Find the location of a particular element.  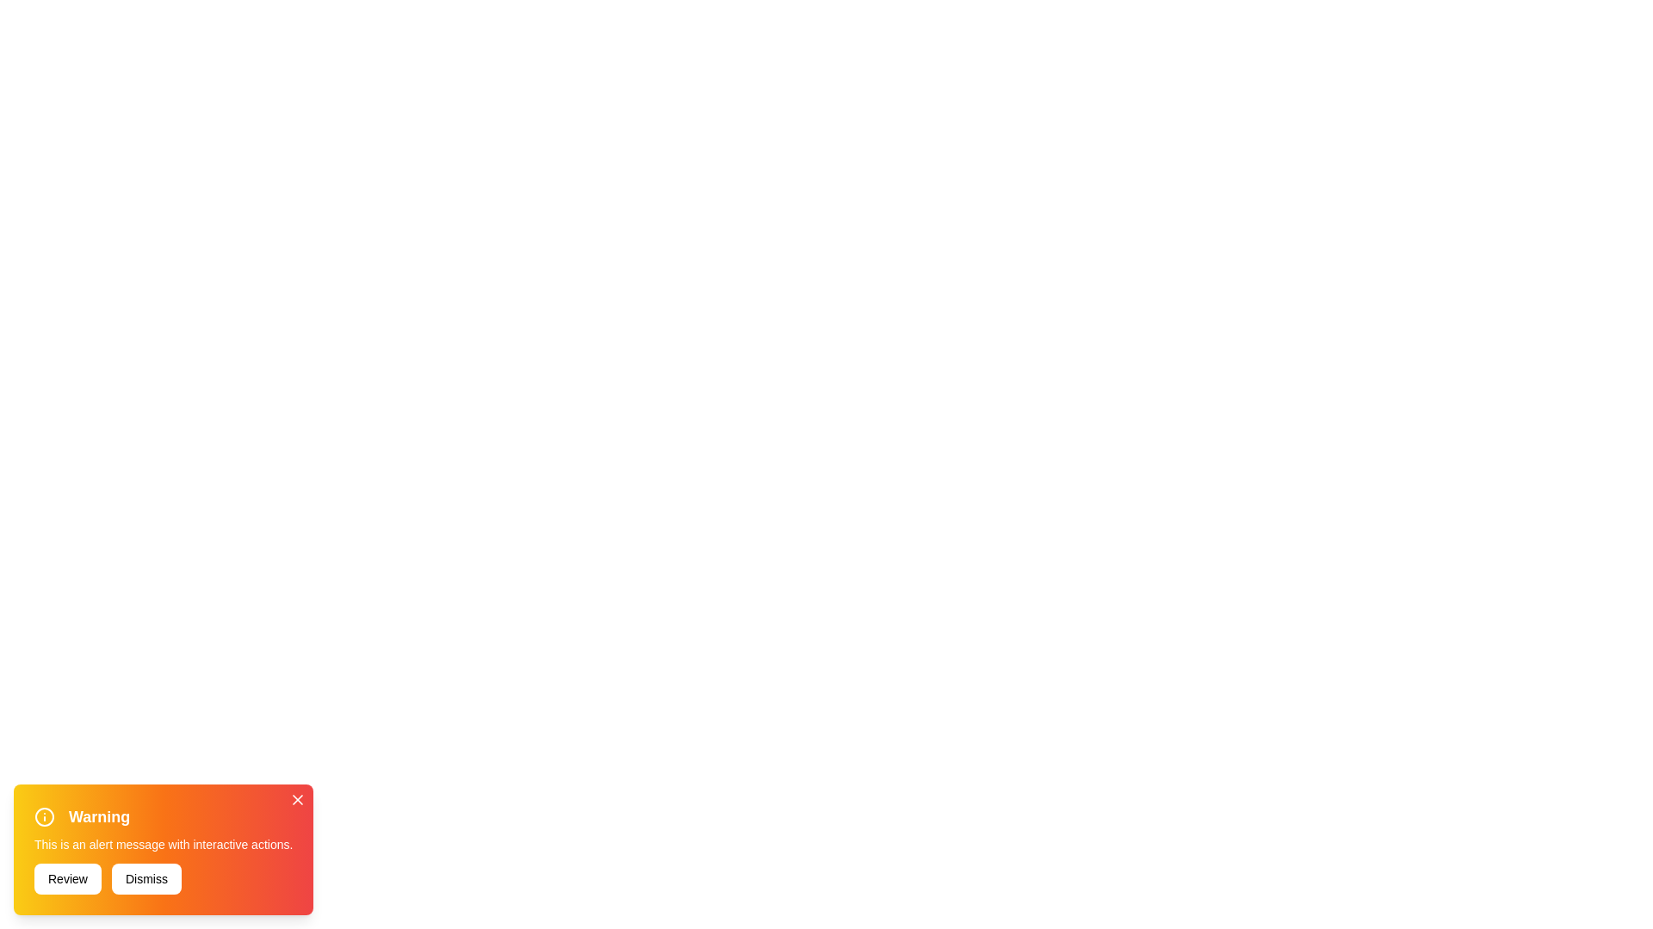

close icon in the top-right corner of the notification banner is located at coordinates (297, 799).